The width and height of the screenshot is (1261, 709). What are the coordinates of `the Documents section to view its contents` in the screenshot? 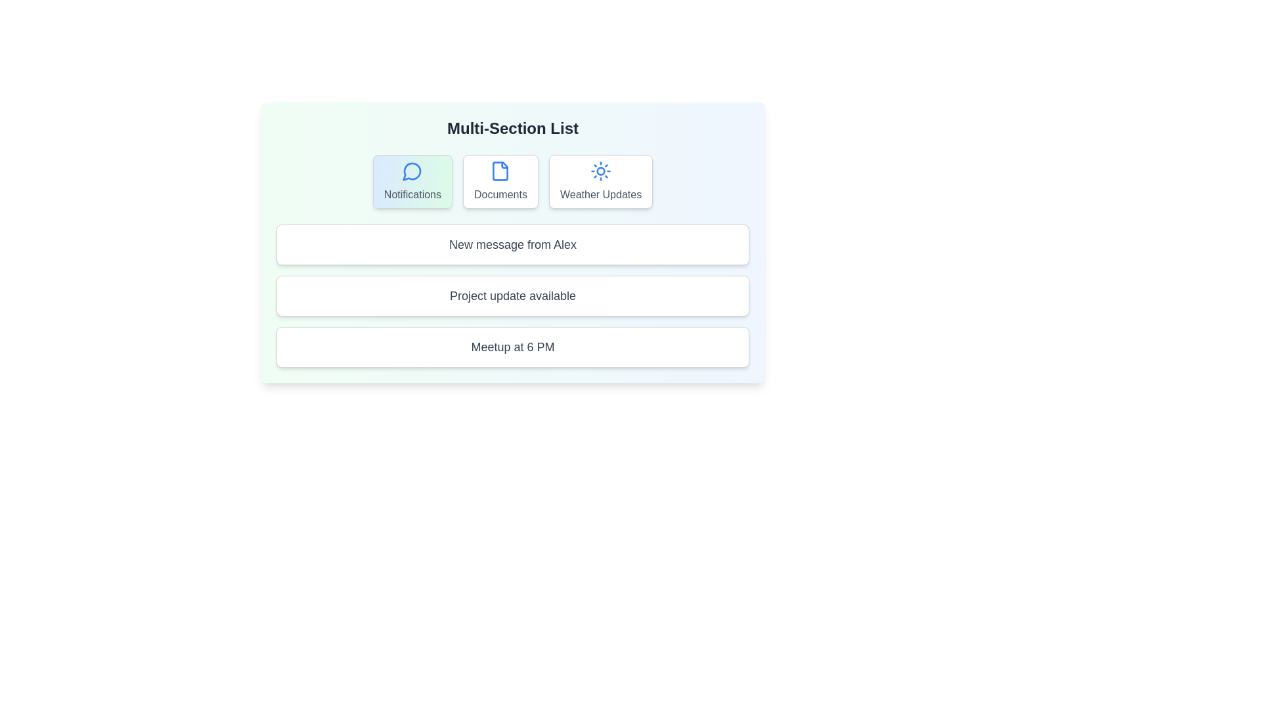 It's located at (500, 182).